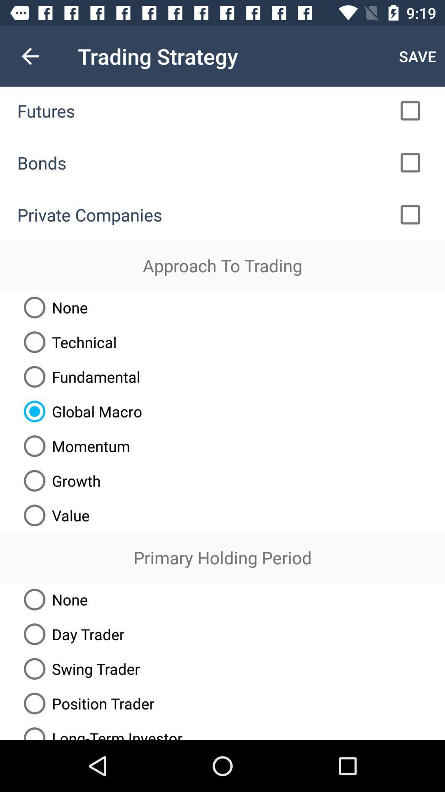 This screenshot has width=445, height=792. Describe the element at coordinates (53, 515) in the screenshot. I see `value item` at that location.